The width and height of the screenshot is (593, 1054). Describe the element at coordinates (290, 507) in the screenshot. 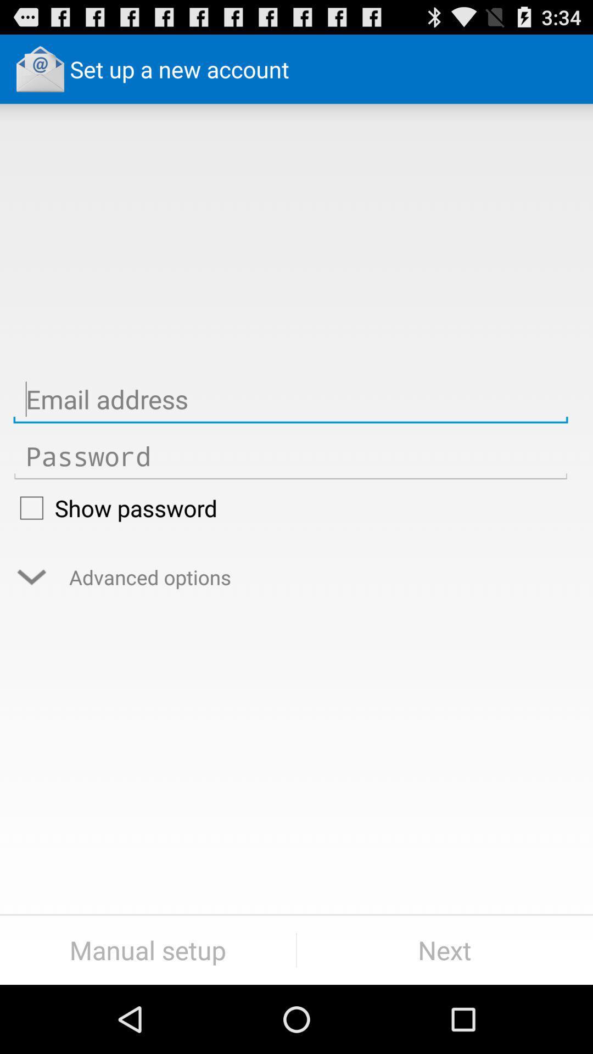

I see `show password checkbox` at that location.